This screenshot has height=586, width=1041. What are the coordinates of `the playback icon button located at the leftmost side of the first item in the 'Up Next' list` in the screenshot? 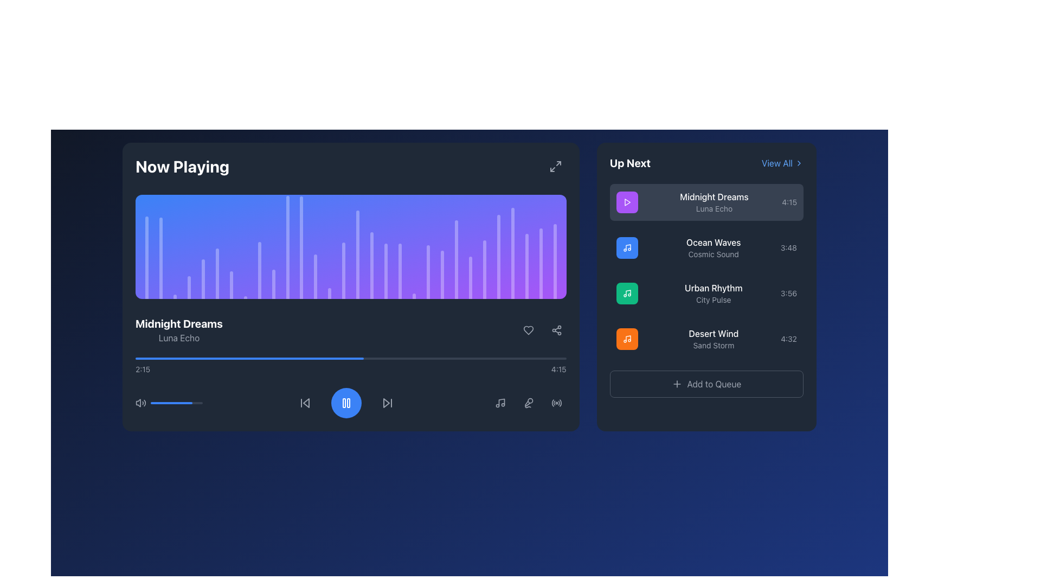 It's located at (627, 202).